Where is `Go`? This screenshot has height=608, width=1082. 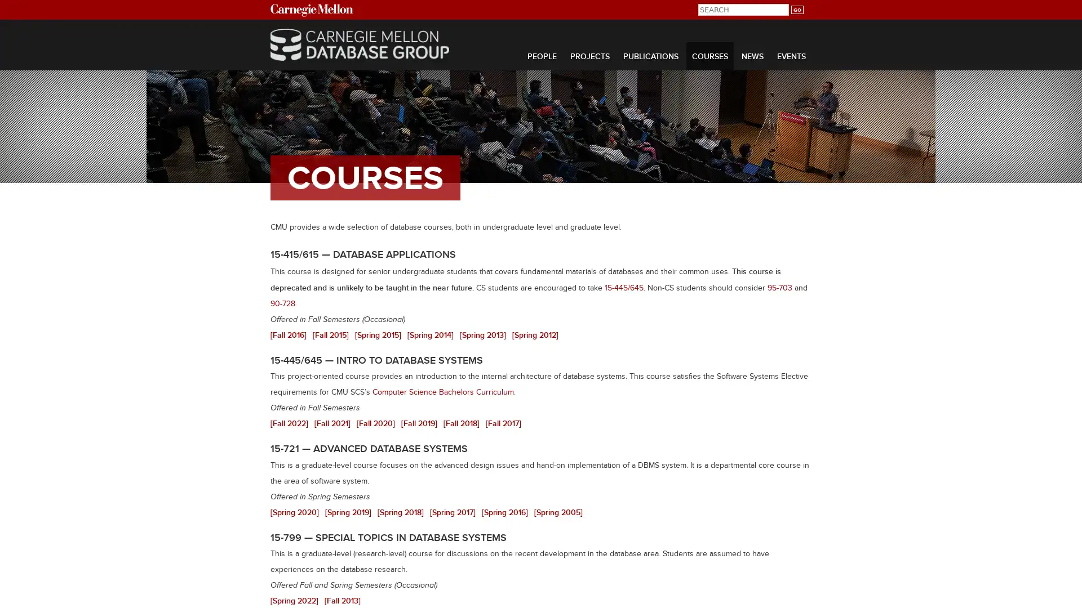 Go is located at coordinates (796, 10).